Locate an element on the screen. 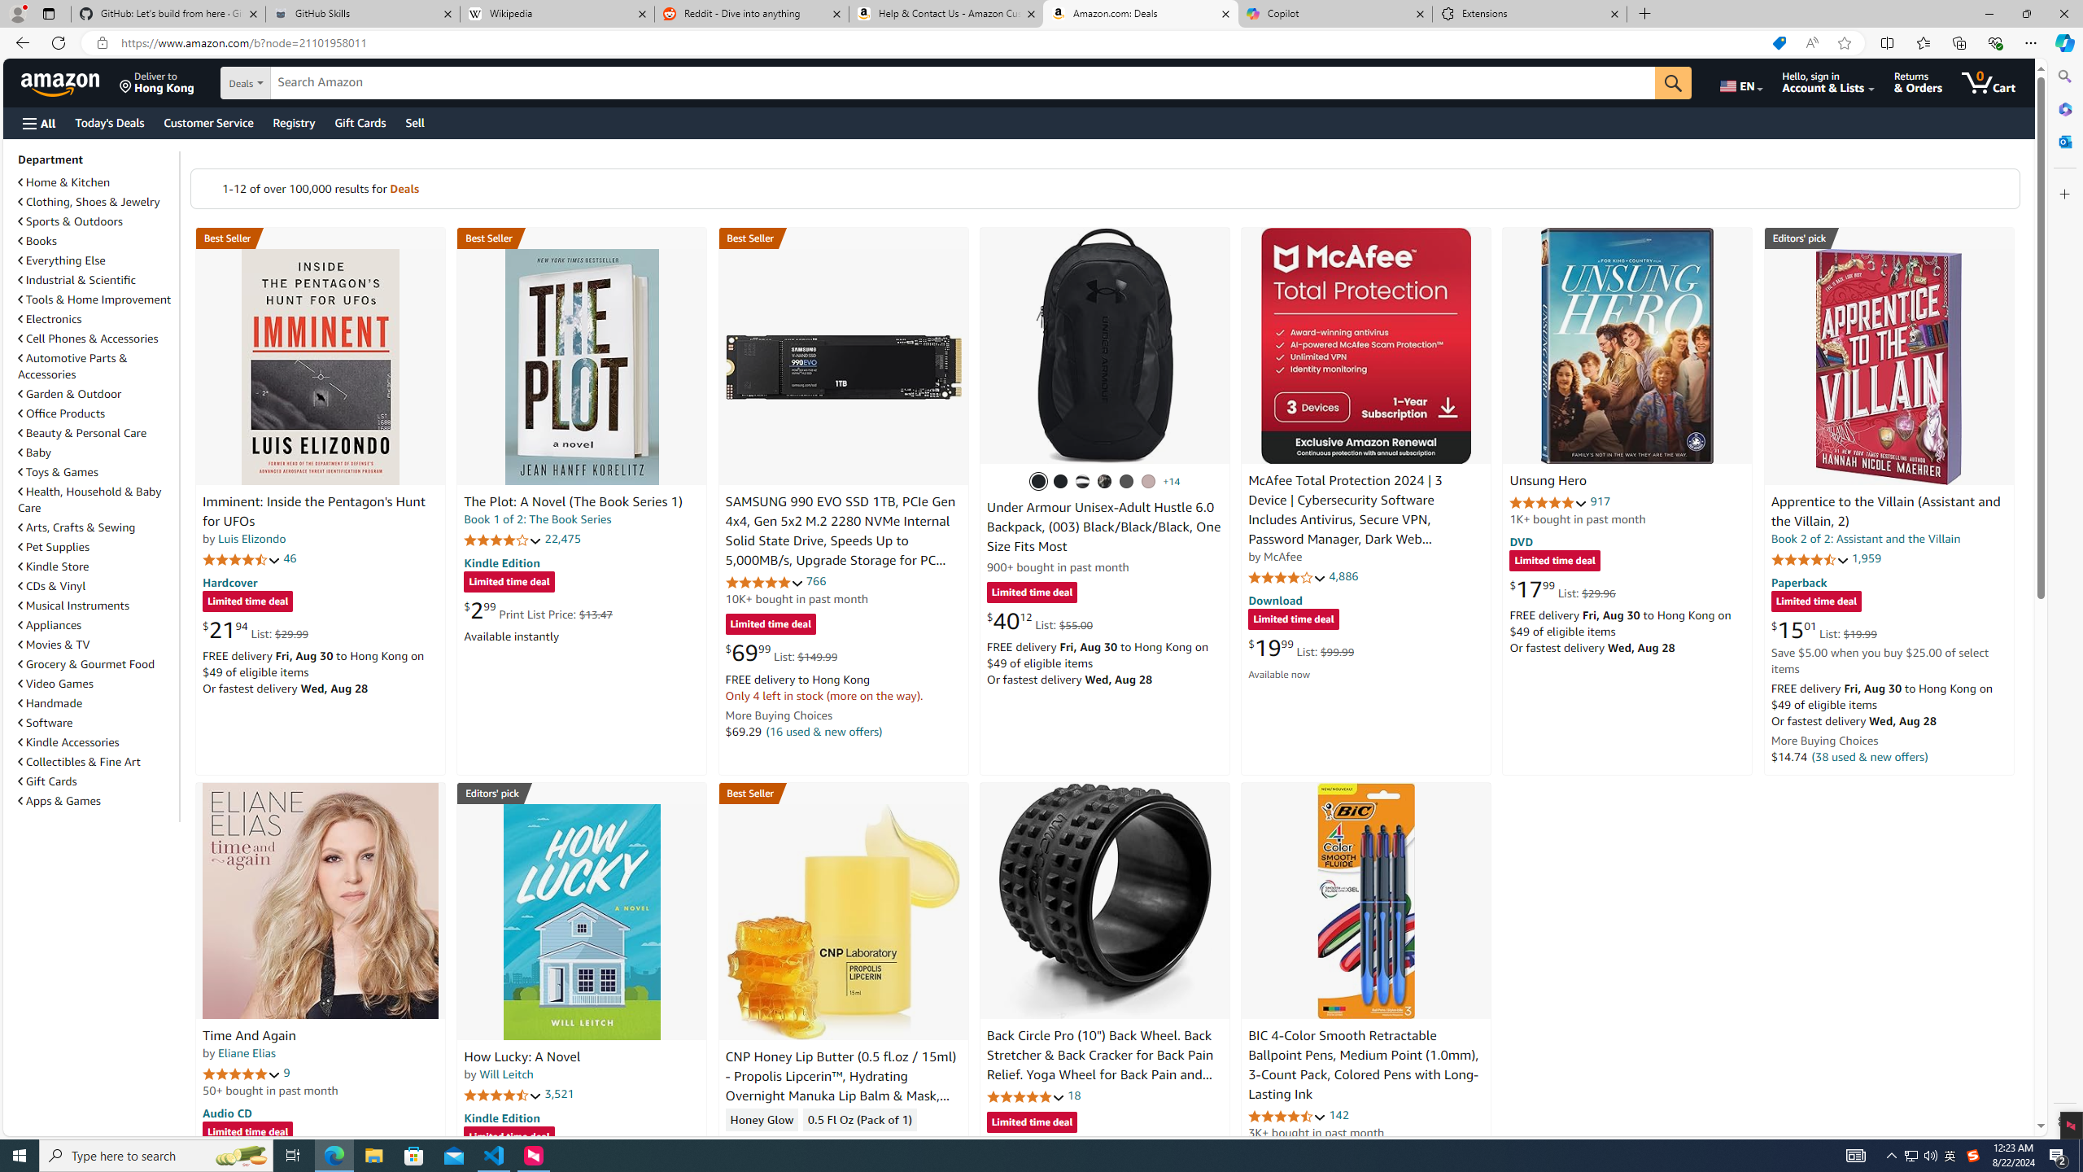  'Garden & Outdoor' is located at coordinates (70, 392).